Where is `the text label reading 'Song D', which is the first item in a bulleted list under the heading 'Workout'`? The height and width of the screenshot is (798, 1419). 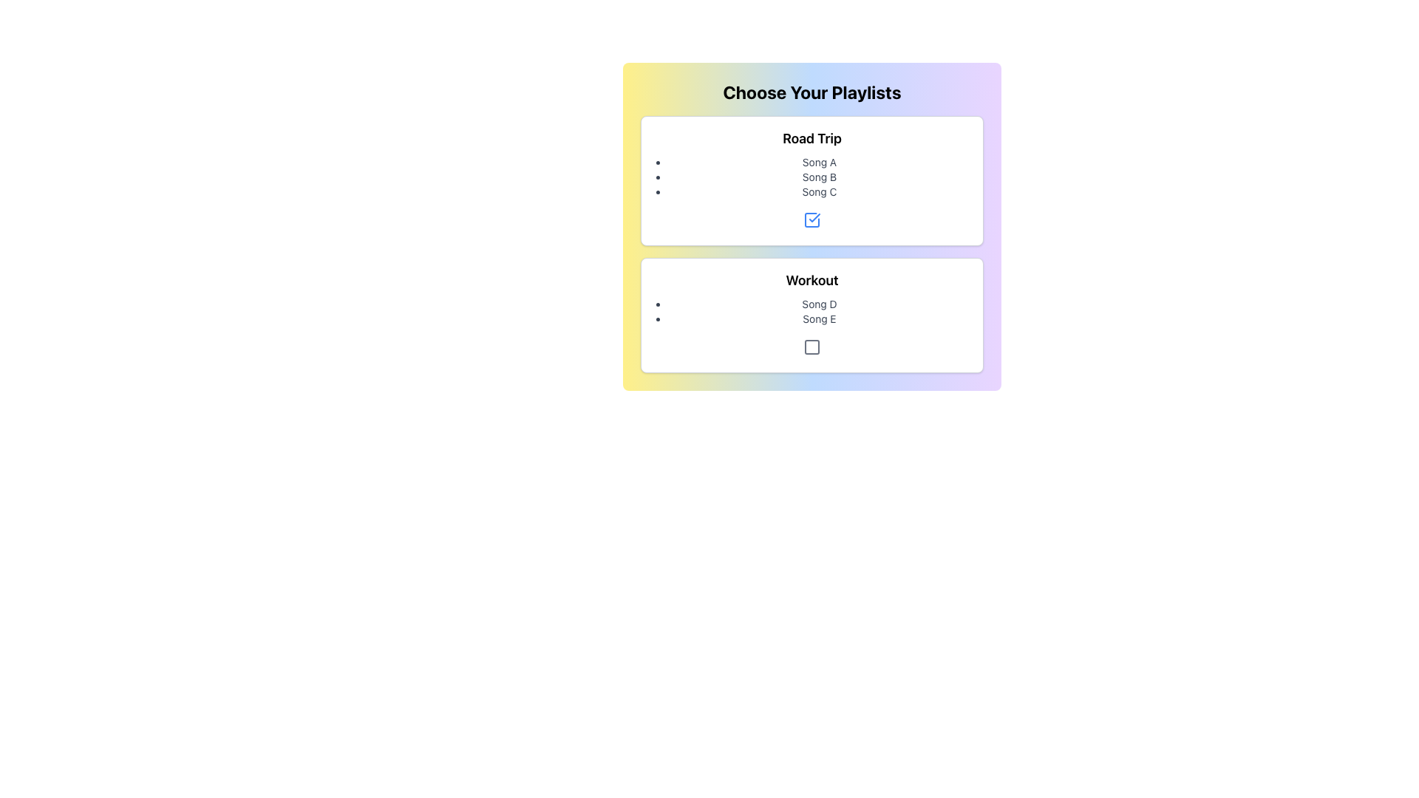
the text label reading 'Song D', which is the first item in a bulleted list under the heading 'Workout' is located at coordinates (818, 304).